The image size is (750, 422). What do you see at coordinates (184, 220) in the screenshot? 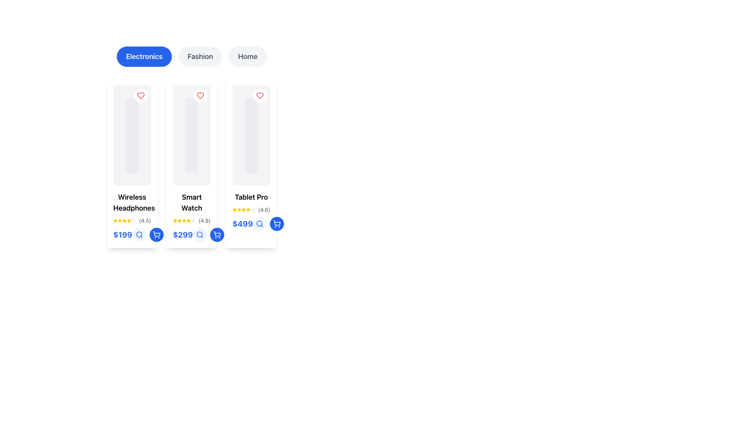
I see `the yellow star icon representing the rating for the 'Smart Watch' product located in the ratings section of the product card` at bounding box center [184, 220].